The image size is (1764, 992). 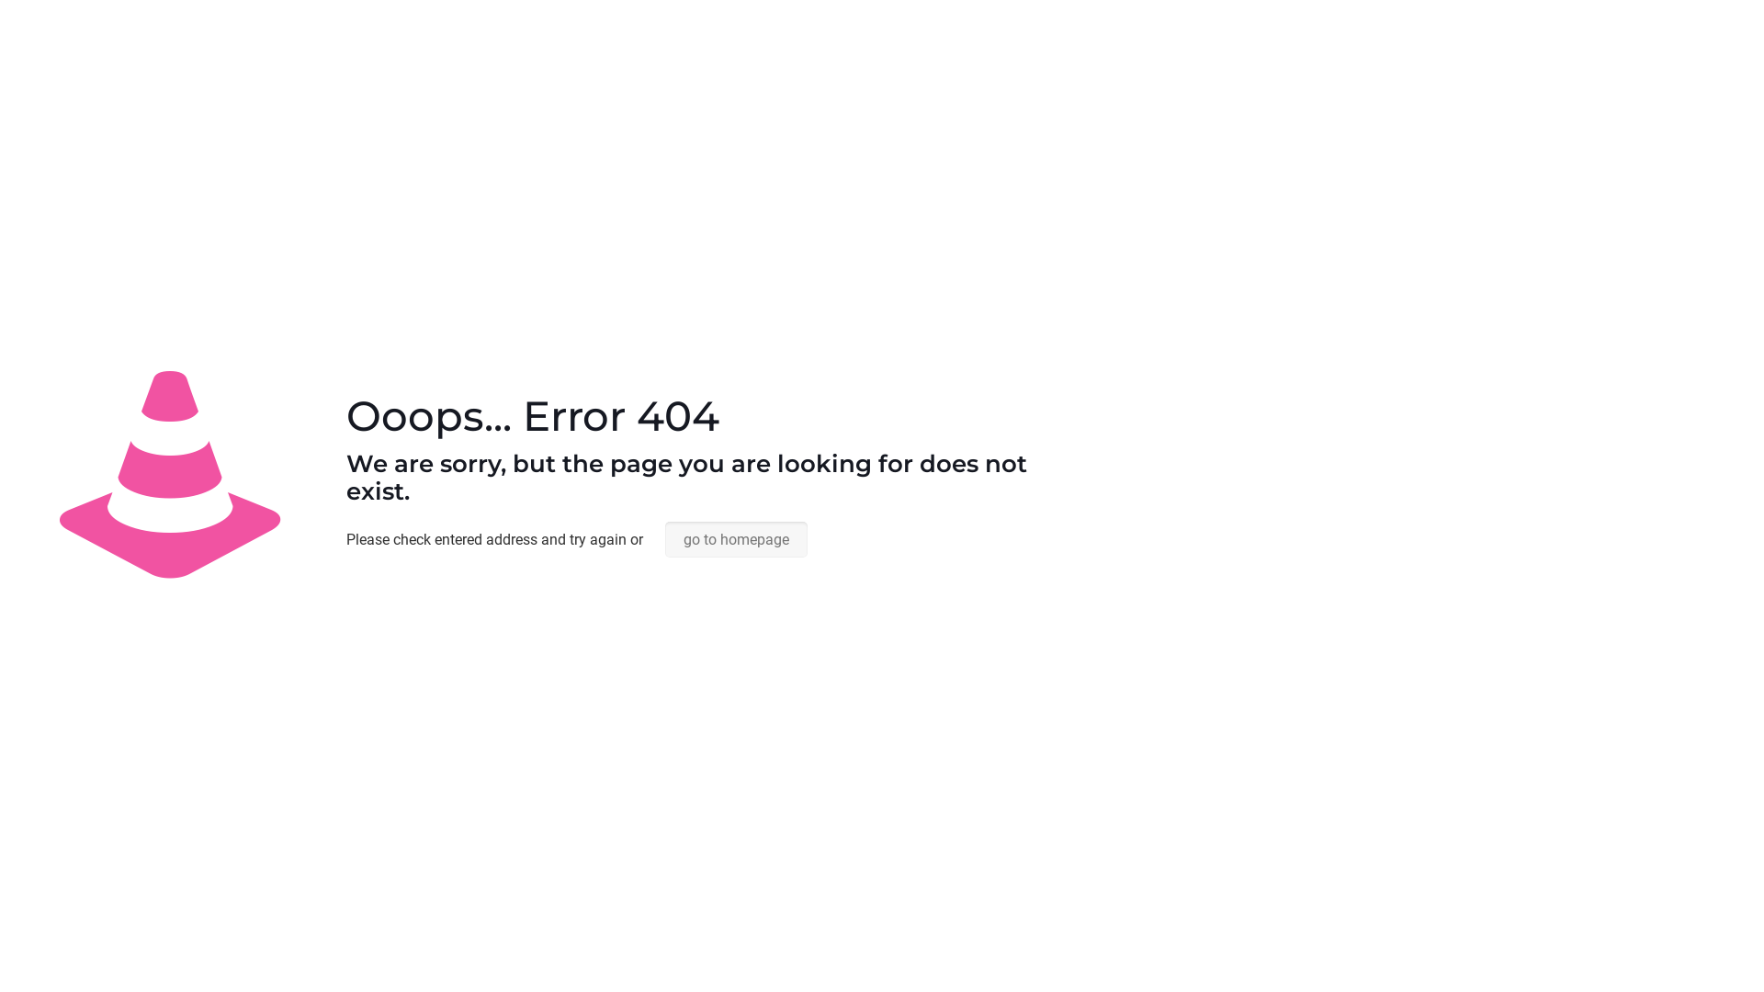 What do you see at coordinates (736, 538) in the screenshot?
I see `'go to homepage'` at bounding box center [736, 538].